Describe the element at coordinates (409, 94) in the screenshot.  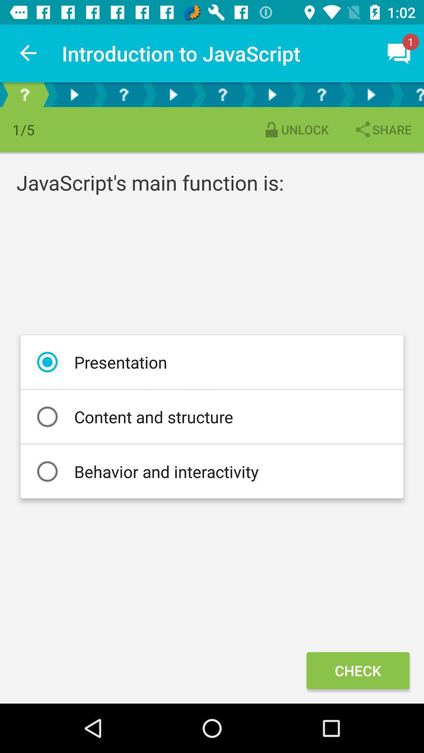
I see `the help icon` at that location.